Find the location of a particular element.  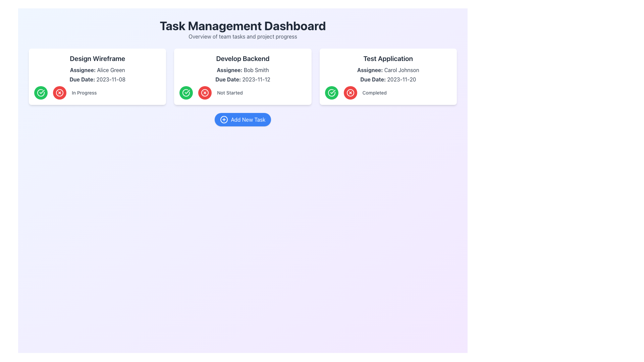

the text label that reads 'Overview of team tasks and project progress', which is centrally positioned beneath the heading 'Task Management Dashboard' is located at coordinates (243, 36).